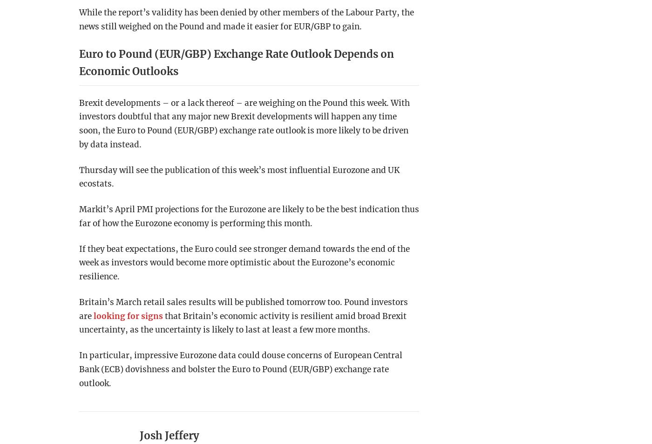  What do you see at coordinates (79, 323) in the screenshot?
I see `'that Britain’s economic activity is resilient amid broad Brexit uncertainty, as the uncertainty is likely to last at least a few more months.'` at bounding box center [79, 323].